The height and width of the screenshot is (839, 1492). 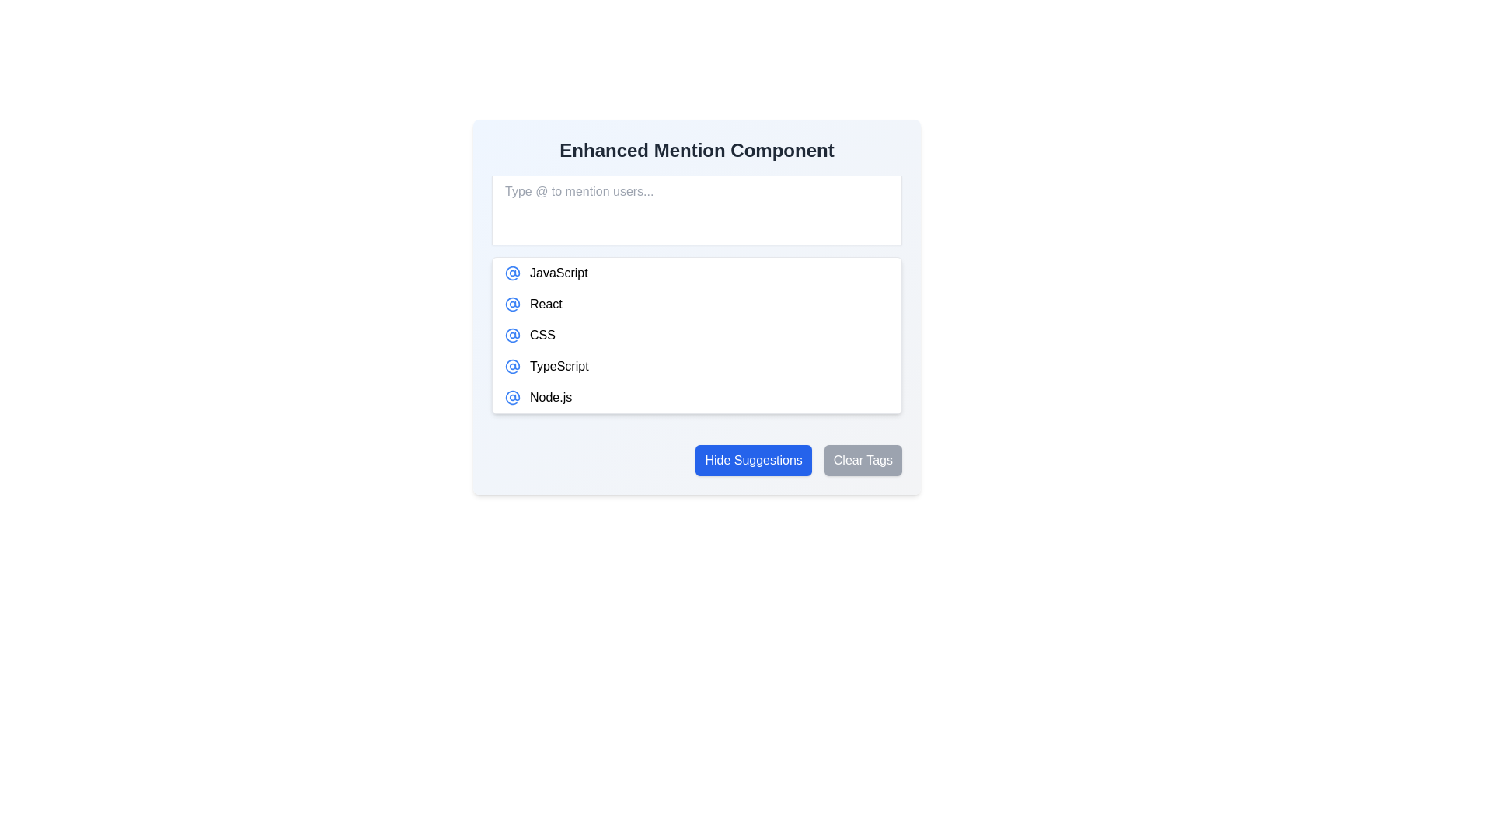 What do you see at coordinates (696, 272) in the screenshot?
I see `the first item in the selectable list under the 'Enhanced Mention Component' input field for keyboard selection` at bounding box center [696, 272].